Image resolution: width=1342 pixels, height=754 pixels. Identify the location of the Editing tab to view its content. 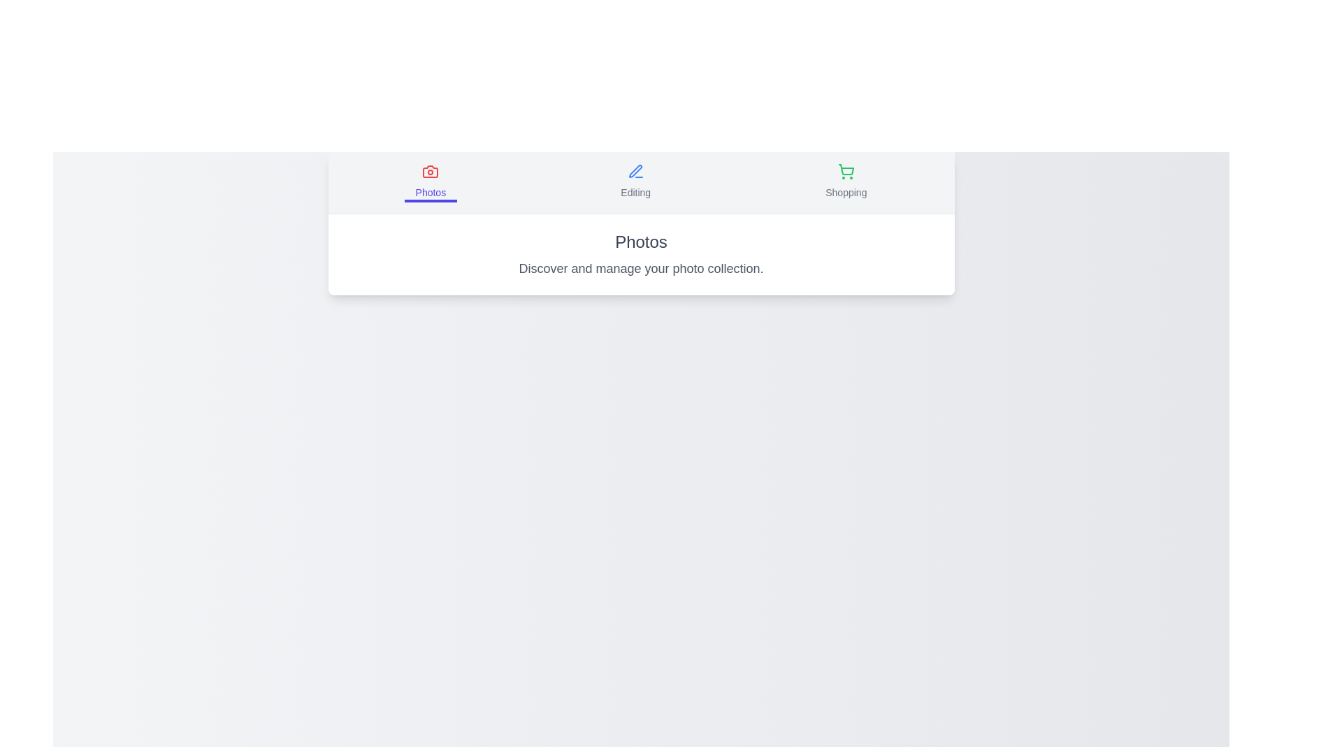
(634, 182).